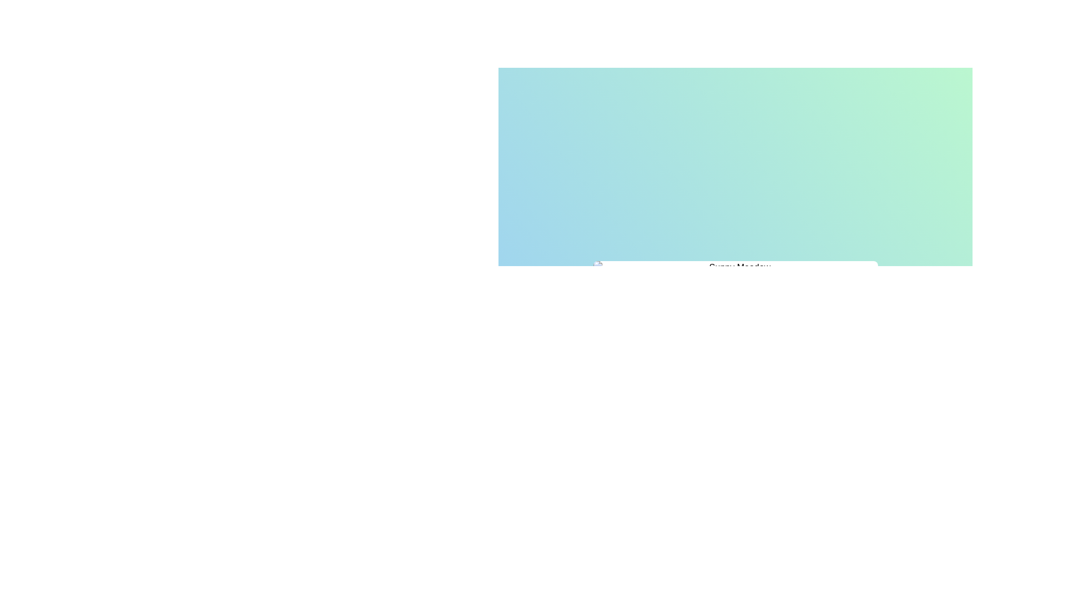 This screenshot has width=1067, height=600. What do you see at coordinates (865, 275) in the screenshot?
I see `the close button located in the top-right corner of the white modal dialog` at bounding box center [865, 275].